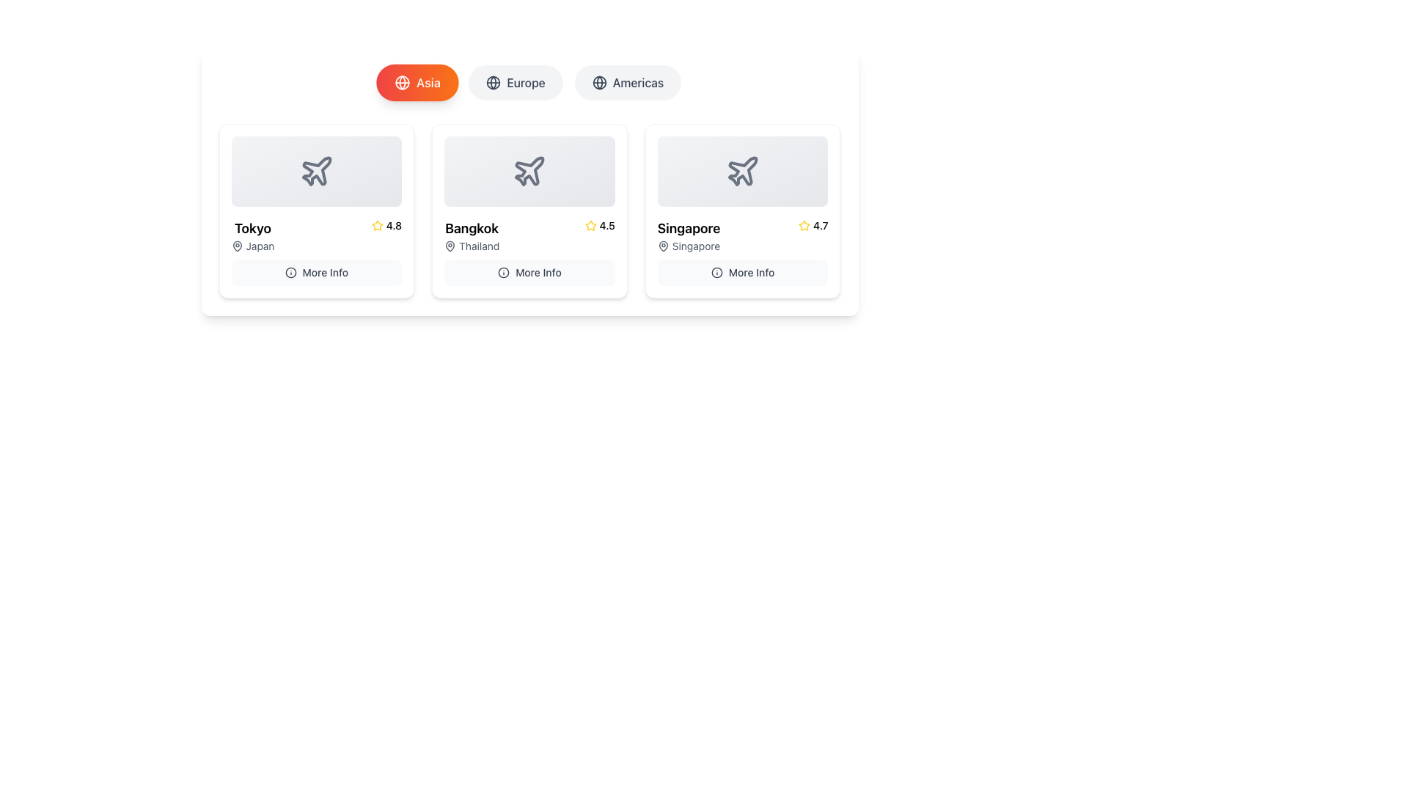 Image resolution: width=1408 pixels, height=792 pixels. What do you see at coordinates (804, 225) in the screenshot?
I see `the star-shaped yellow icon indicating a rating of '4.7' within the 'Singapore' destination card` at bounding box center [804, 225].